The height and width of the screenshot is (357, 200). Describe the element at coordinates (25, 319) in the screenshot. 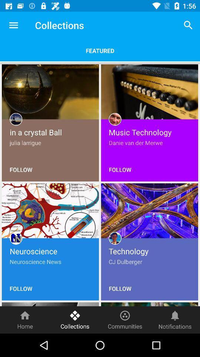

I see `home item` at that location.